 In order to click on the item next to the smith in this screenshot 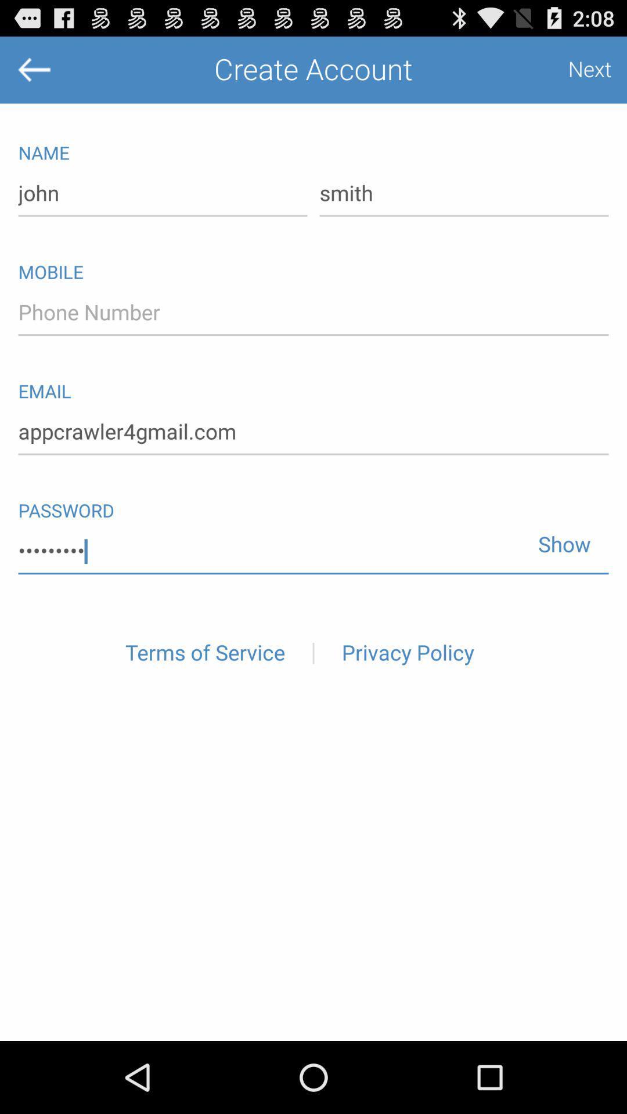, I will do `click(163, 194)`.